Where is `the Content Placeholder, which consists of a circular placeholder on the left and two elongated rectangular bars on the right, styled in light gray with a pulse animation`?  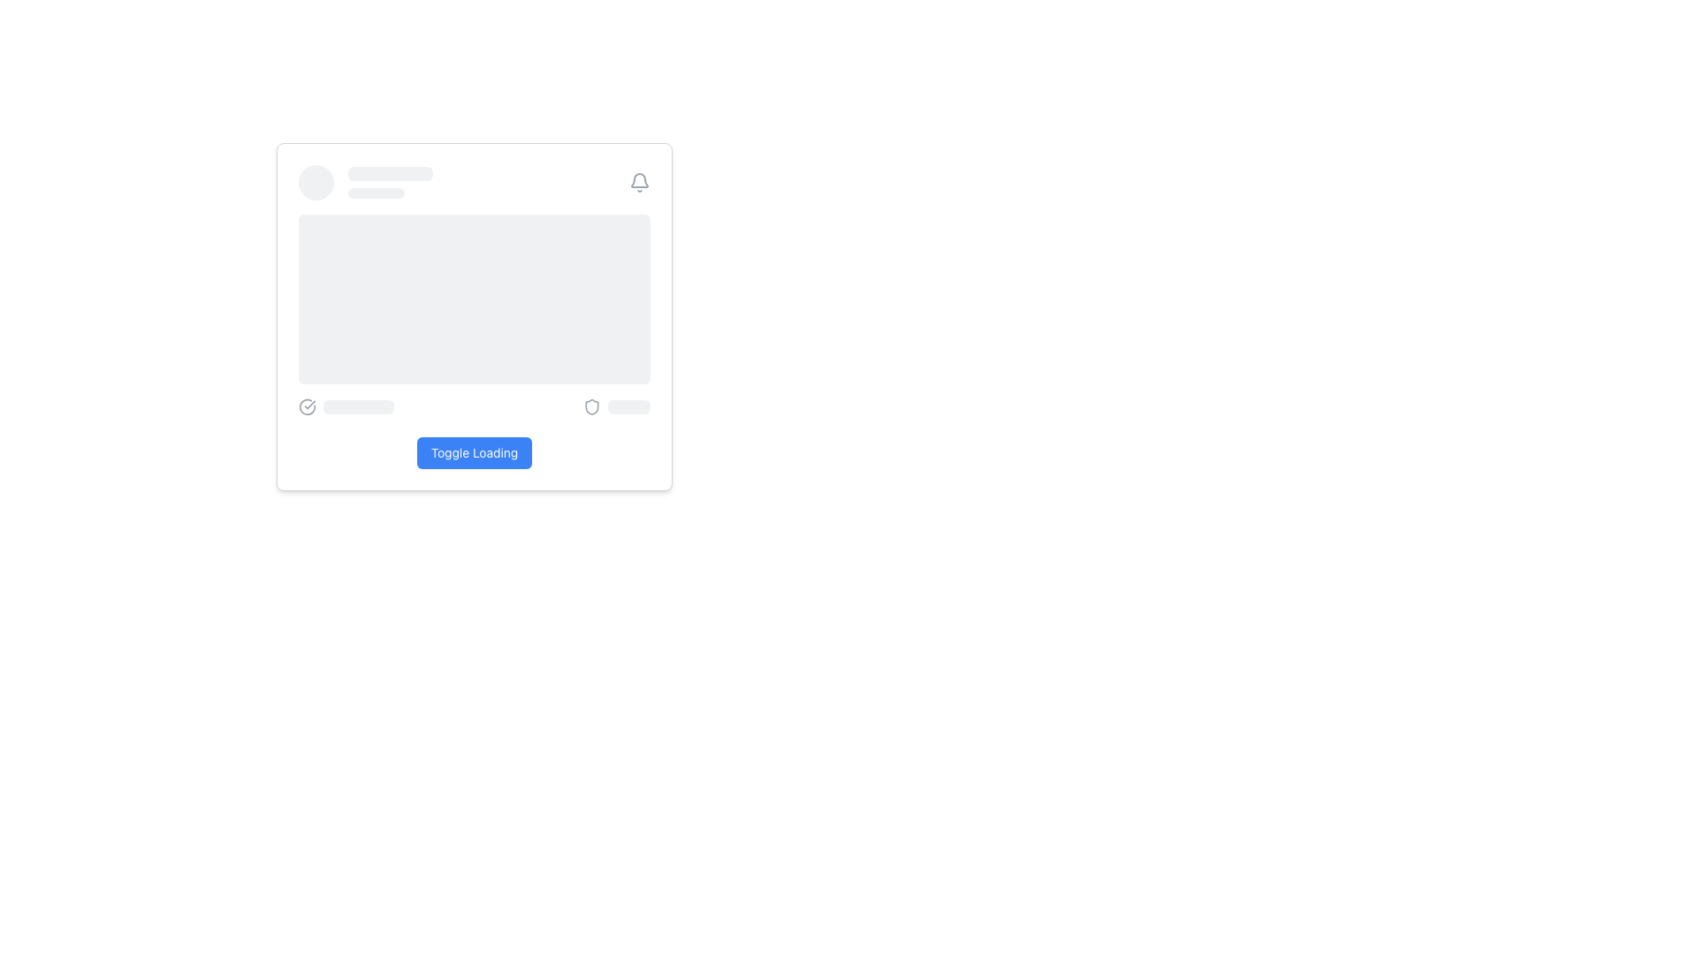
the Content Placeholder, which consists of a circular placeholder on the left and two elongated rectangular bars on the right, styled in light gray with a pulse animation is located at coordinates (364, 183).